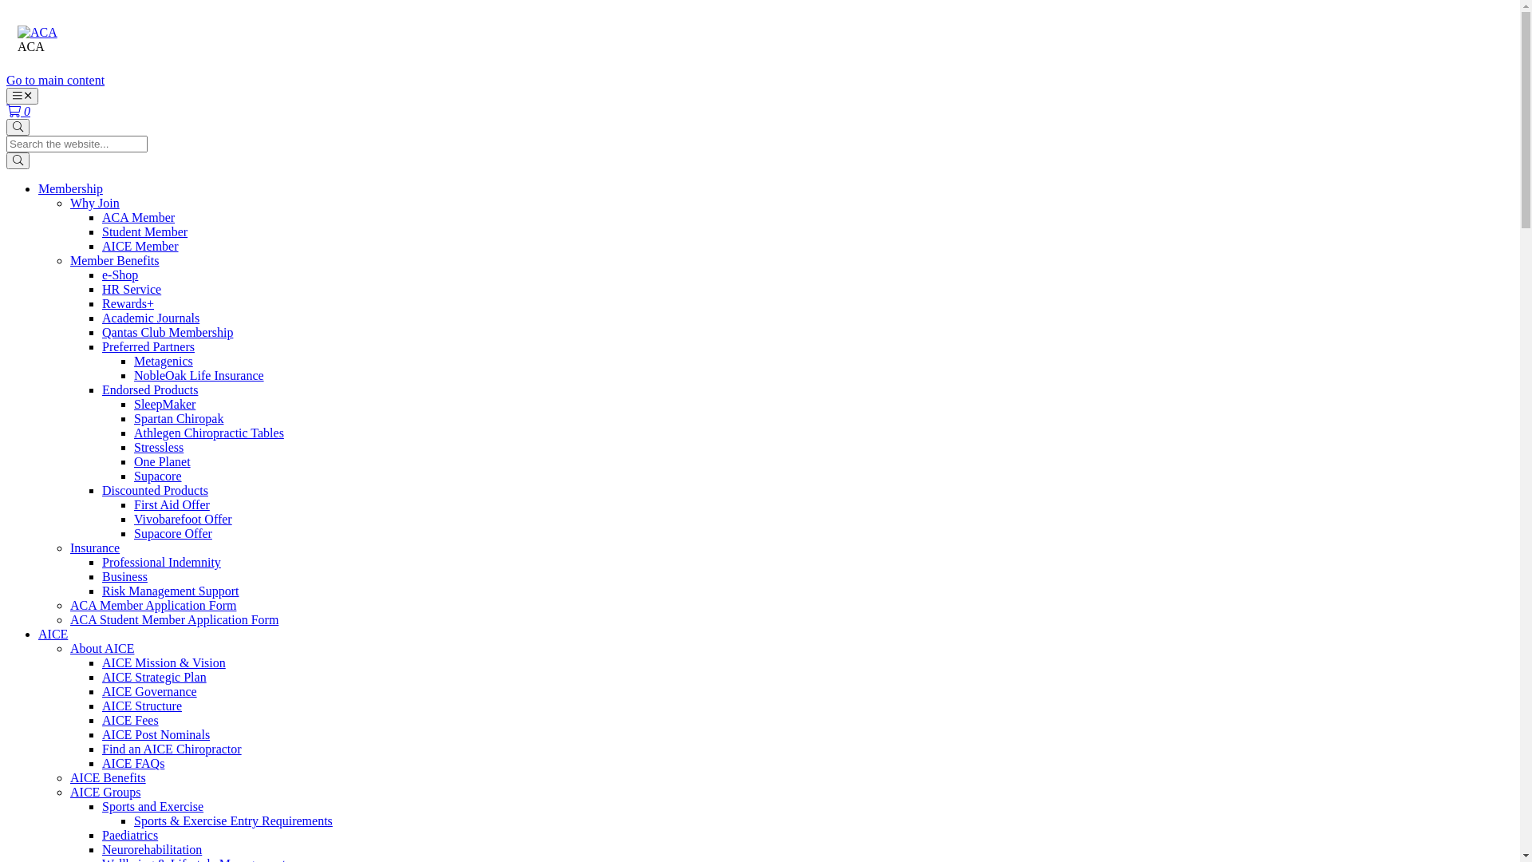 This screenshot has height=862, width=1532. Describe the element at coordinates (183, 519) in the screenshot. I see `'Vivobarefoot Offer'` at that location.